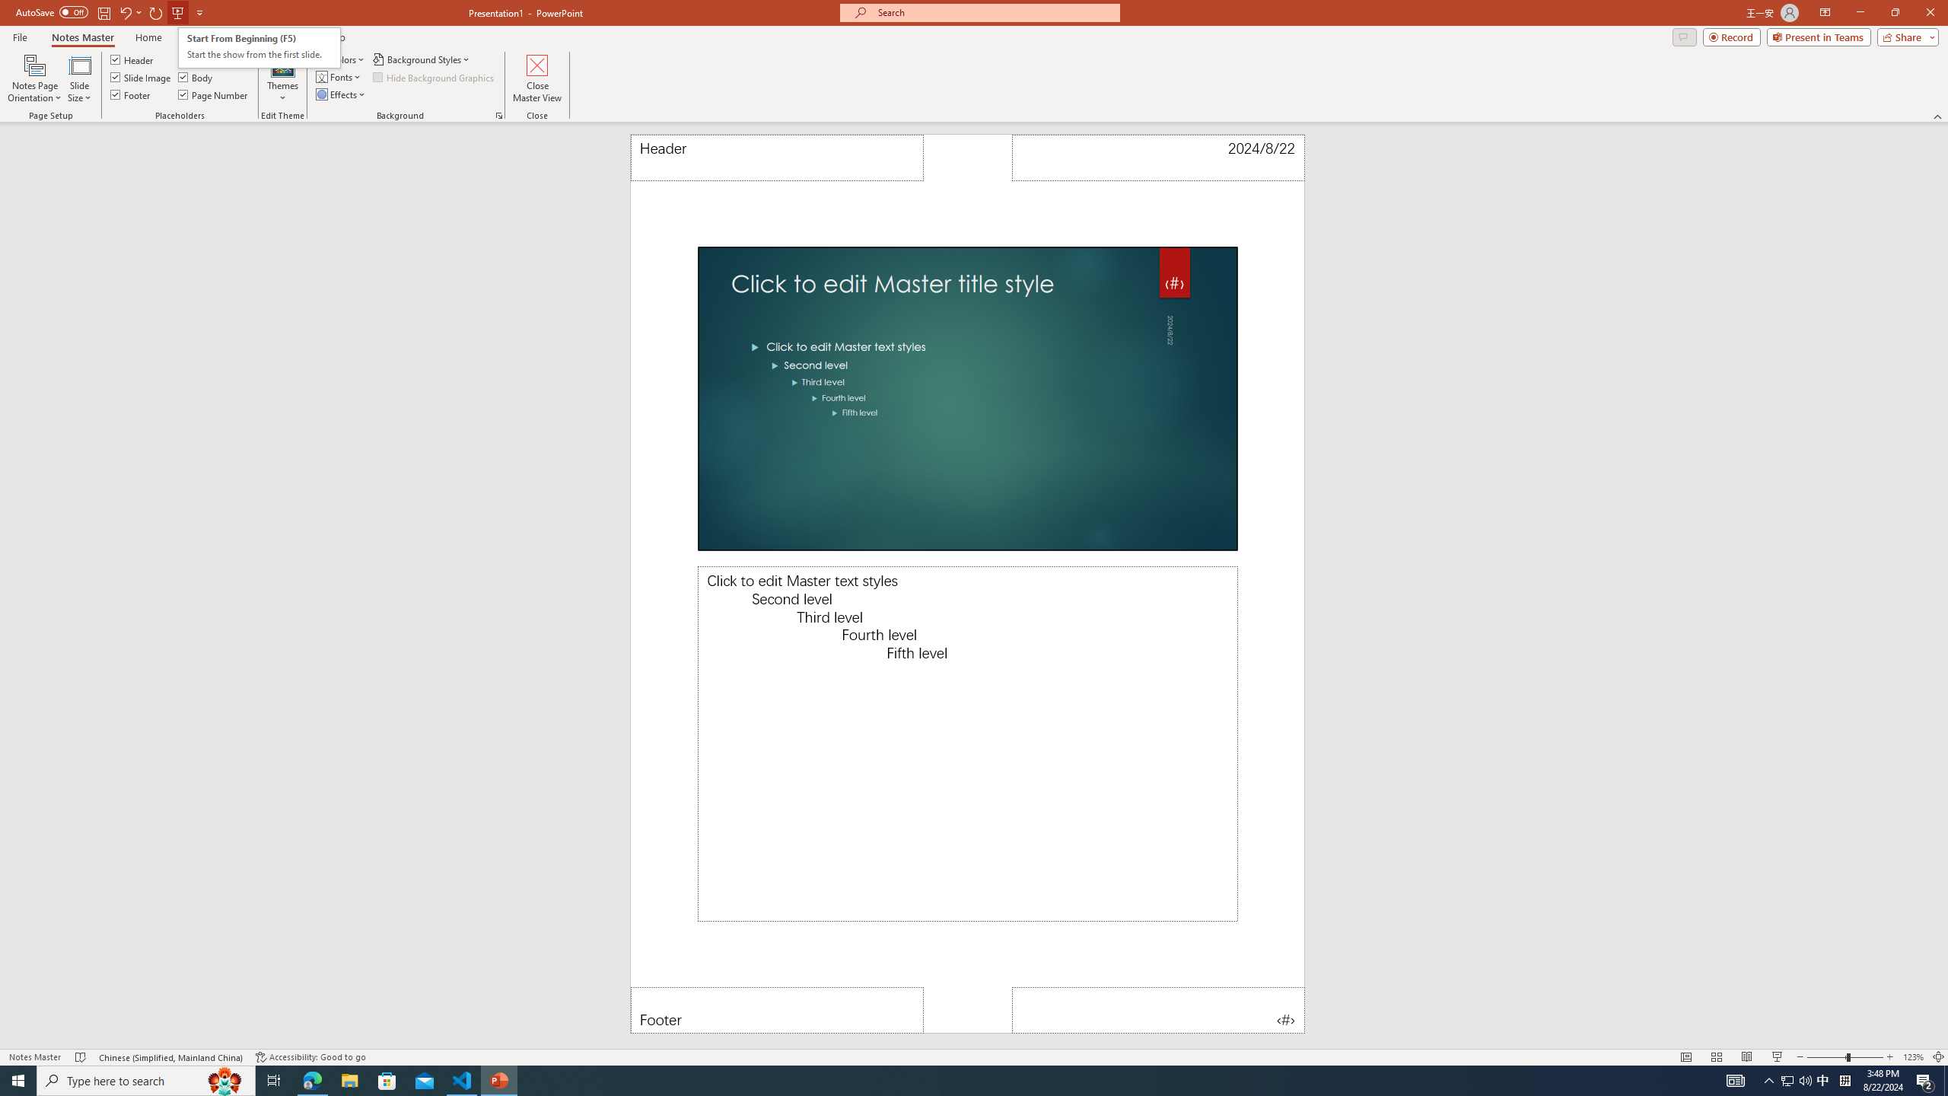 The image size is (1948, 1096). I want to click on 'Fonts', so click(339, 75).